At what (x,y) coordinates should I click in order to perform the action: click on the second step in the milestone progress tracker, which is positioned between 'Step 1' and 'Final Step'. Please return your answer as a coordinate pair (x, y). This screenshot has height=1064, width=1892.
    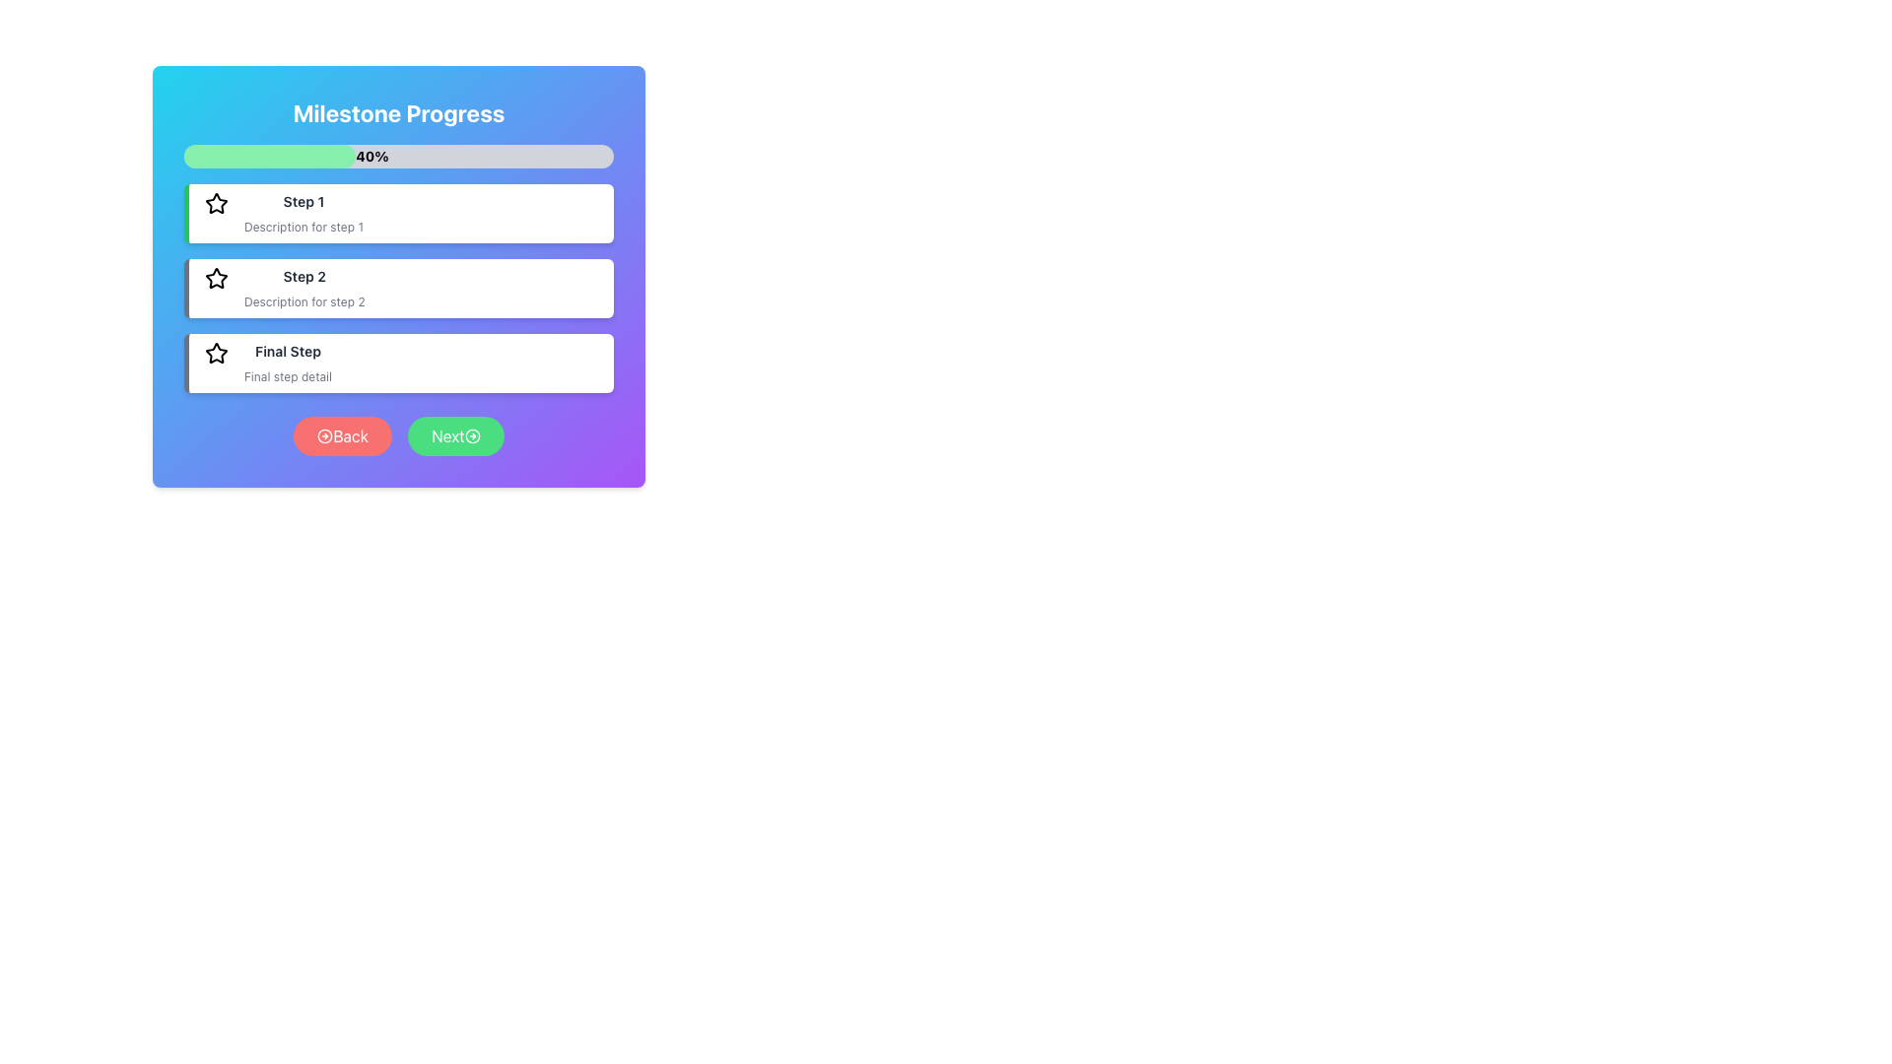
    Looking at the image, I should click on (397, 277).